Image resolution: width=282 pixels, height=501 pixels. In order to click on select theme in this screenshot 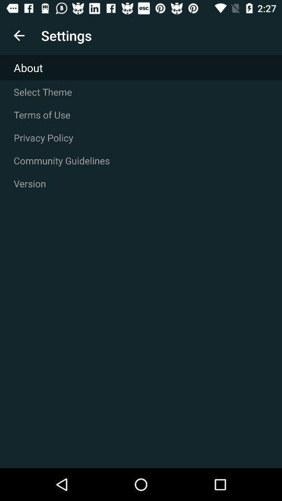, I will do `click(141, 91)`.